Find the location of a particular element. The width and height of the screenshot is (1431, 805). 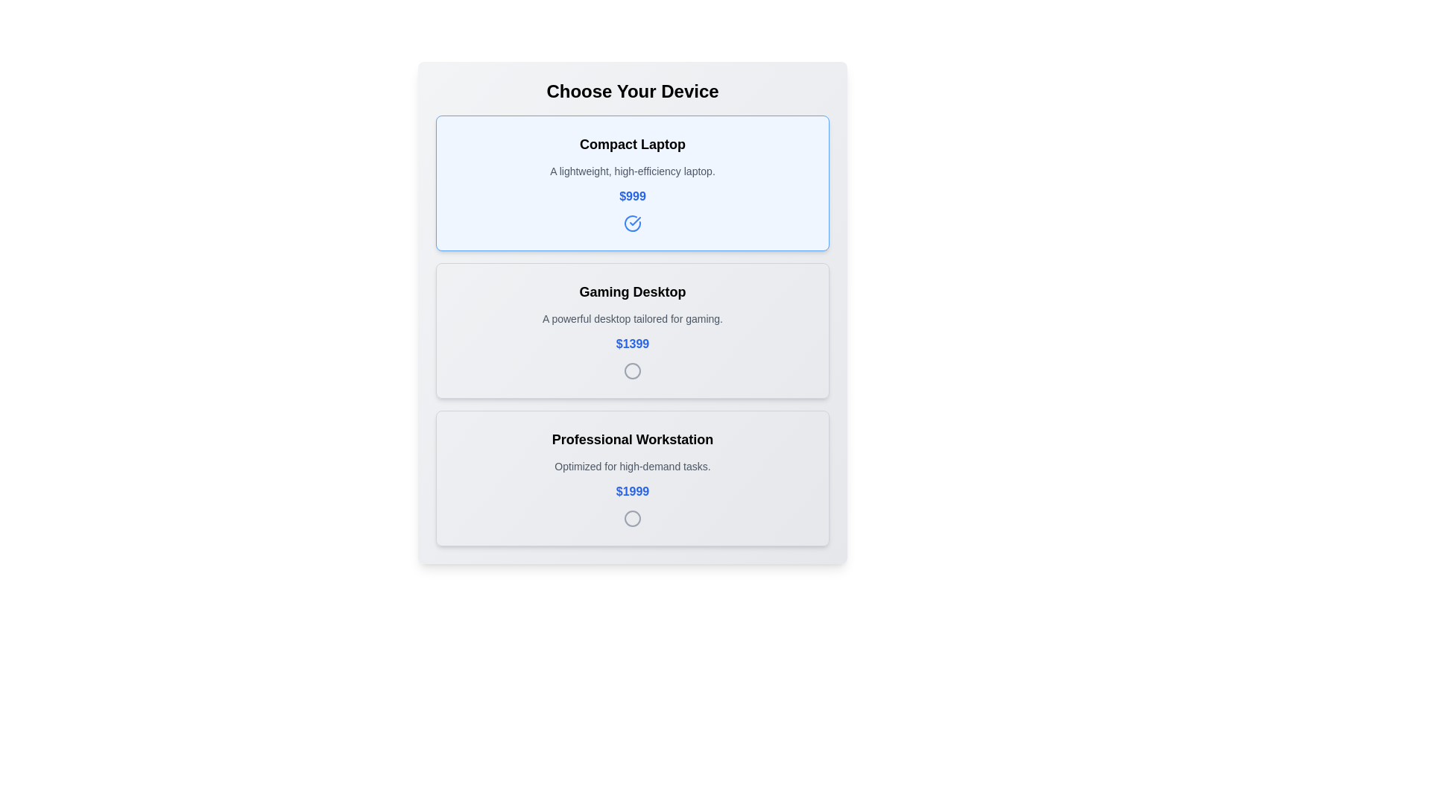

the text label that contains the phrase 'A powerful desktop tailored for gaming.' located beneath the title 'Gaming Desktop' and above the price element within the bordered card is located at coordinates (633, 318).